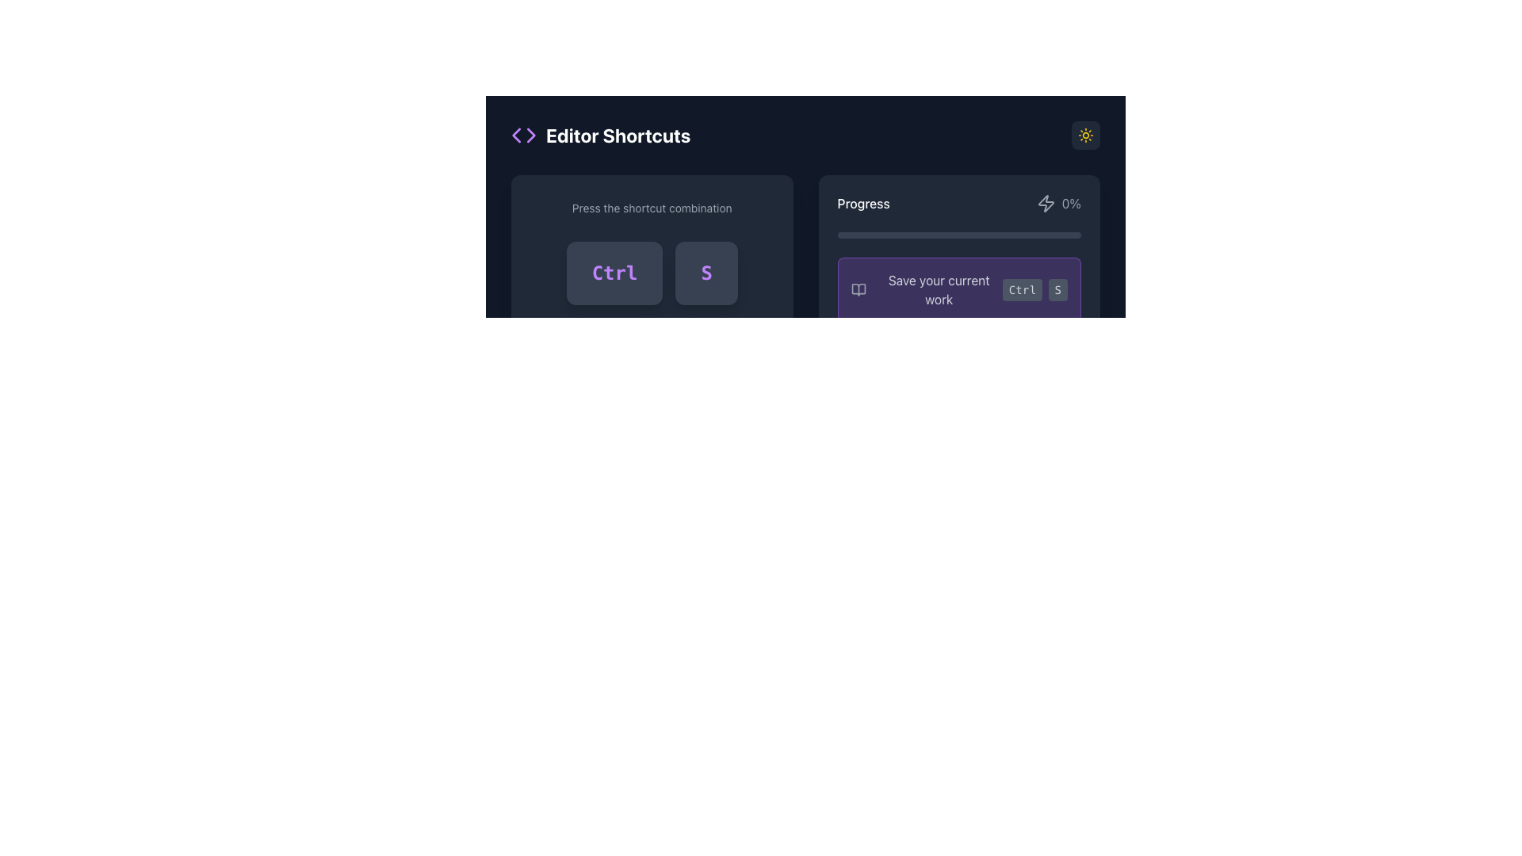  I want to click on the static text label displaying 'Progress', which is positioned to the left of an icon and a text showing '0%', located in the upper right of the interface, so click(862, 203).